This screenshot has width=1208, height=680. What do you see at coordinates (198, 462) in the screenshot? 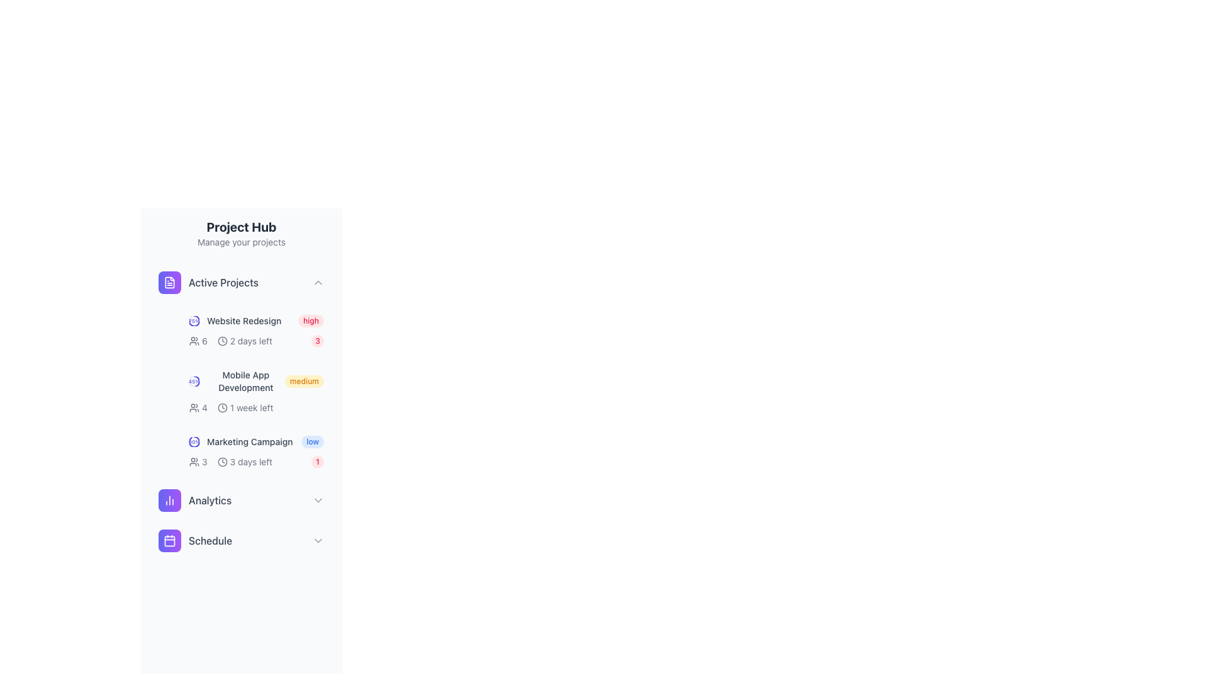
I see `the text label indicating the number of team members for the 'Marketing Campaign' project, located below the title and priority tag, and to the left of '3 days left'` at bounding box center [198, 462].